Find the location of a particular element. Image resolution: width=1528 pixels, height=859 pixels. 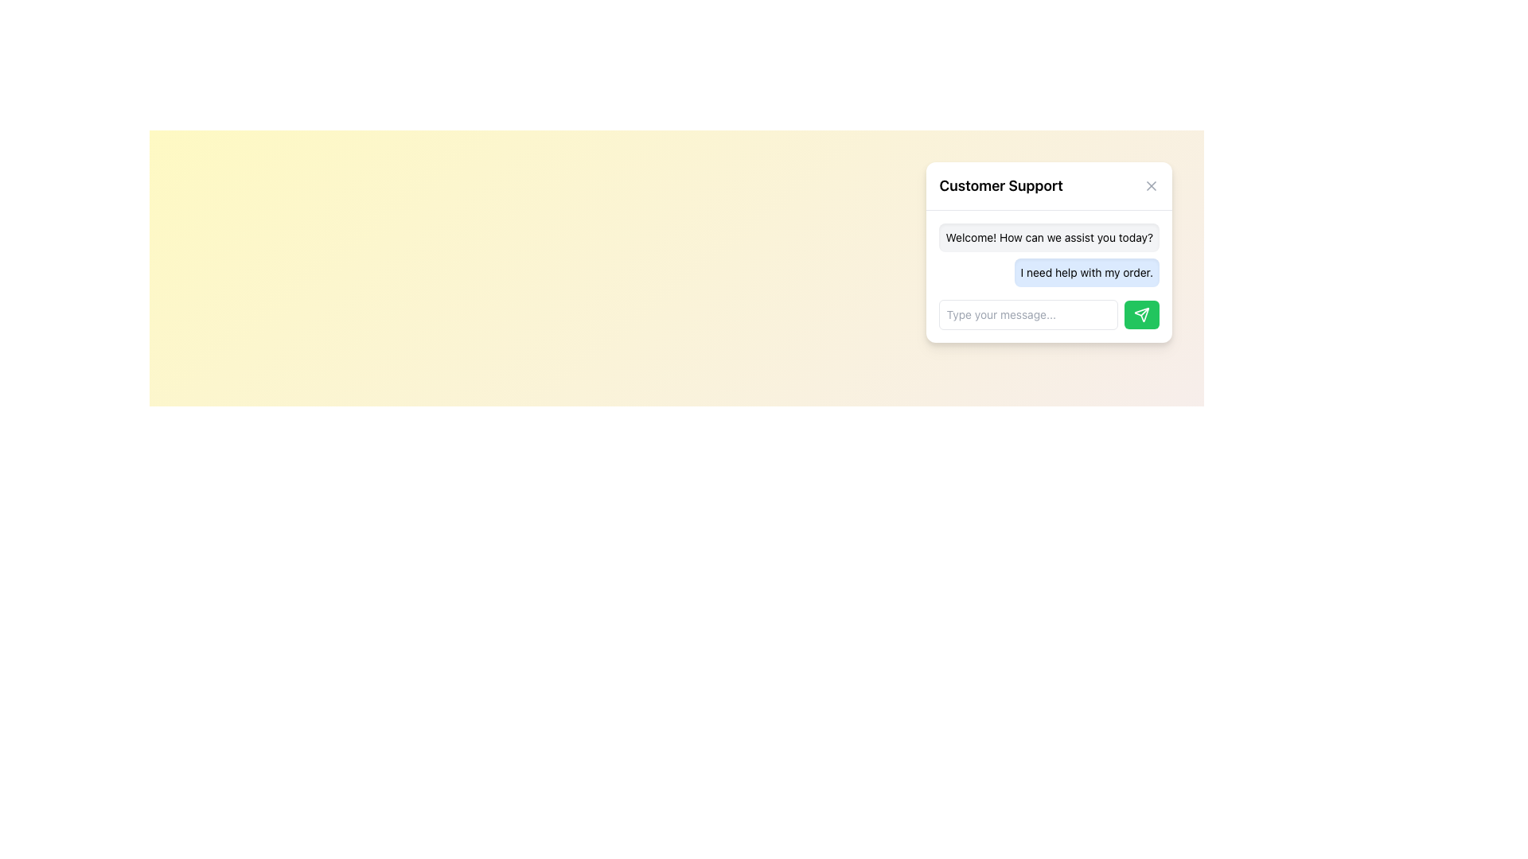

the vibrant green paper plane icon located at the bottom-right corner of the chat window, which is part of a green button adjacent to the text input field is located at coordinates (1141, 315).